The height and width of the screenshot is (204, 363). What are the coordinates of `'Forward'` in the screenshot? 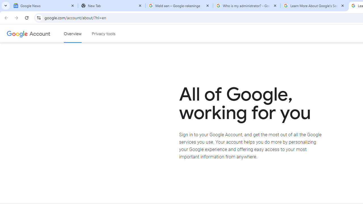 It's located at (16, 17).